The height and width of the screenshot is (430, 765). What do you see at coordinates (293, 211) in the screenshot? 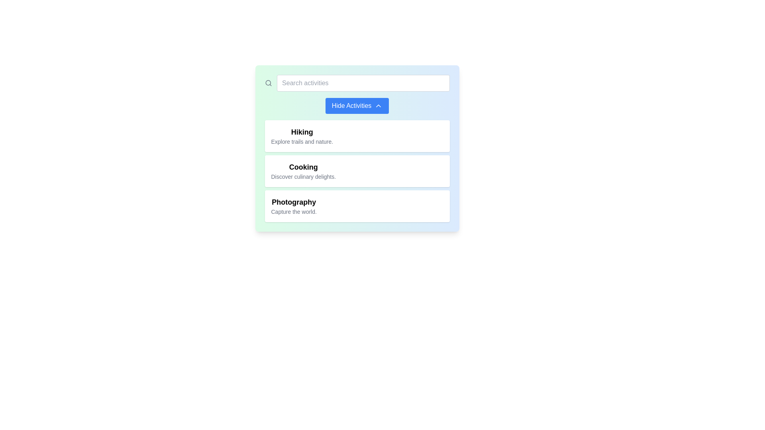
I see `the descriptive tagline text label for the 'Photography' activity, which is located directly under the bold title 'Photography' in the rightmost panel` at bounding box center [293, 211].